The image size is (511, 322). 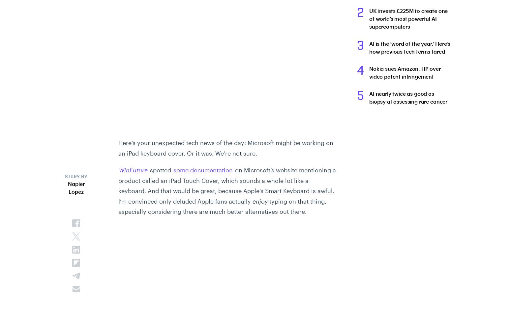 What do you see at coordinates (408, 97) in the screenshot?
I see `'AI nearly twice as good as biopsy at assessing rare cancer'` at bounding box center [408, 97].